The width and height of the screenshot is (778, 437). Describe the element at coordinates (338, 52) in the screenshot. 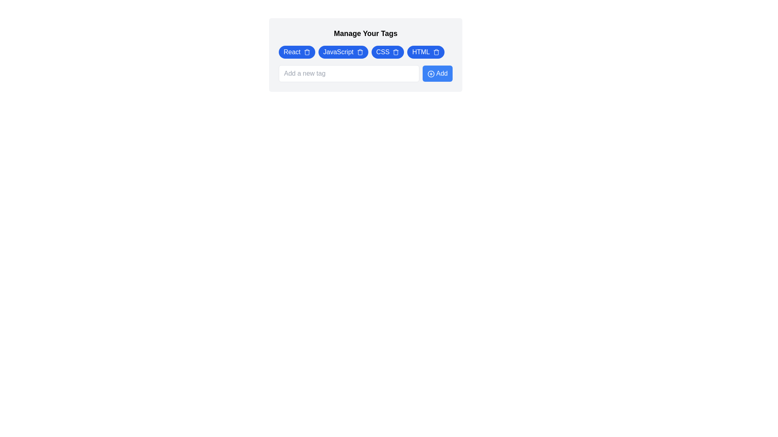

I see `the text label displaying 'JavaScript', which is part of the tags in the 'Manage Your Tags' panel` at that location.